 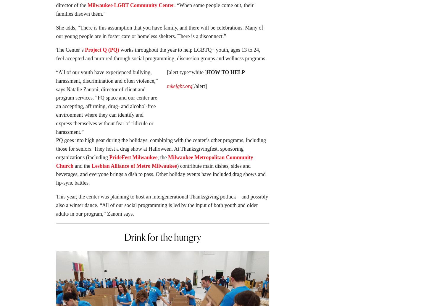 I want to click on 'The Center’s', so click(x=70, y=51).